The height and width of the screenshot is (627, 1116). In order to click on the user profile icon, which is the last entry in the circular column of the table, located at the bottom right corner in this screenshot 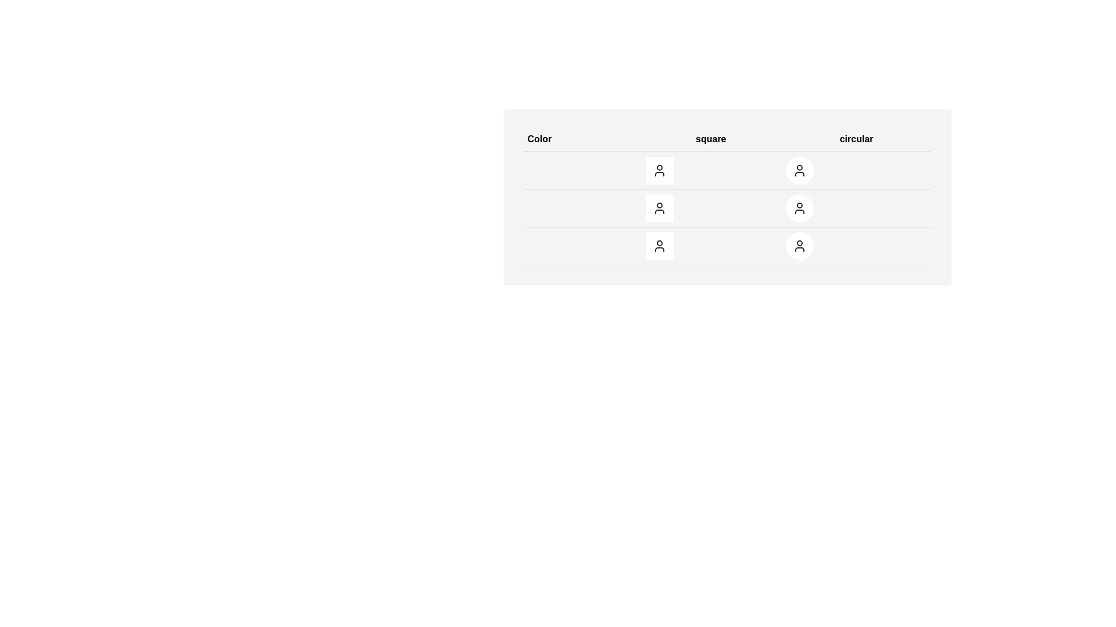, I will do `click(799, 246)`.